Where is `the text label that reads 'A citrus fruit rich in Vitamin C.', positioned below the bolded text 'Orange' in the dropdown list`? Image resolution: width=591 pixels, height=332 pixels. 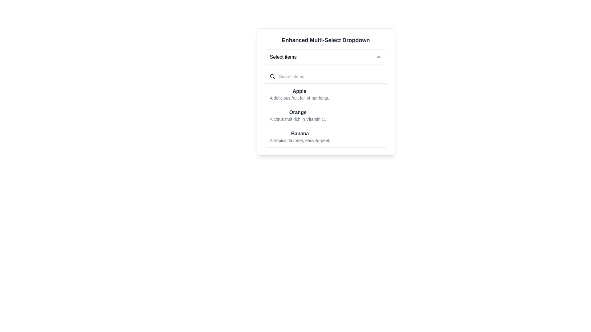
the text label that reads 'A citrus fruit rich in Vitamin C.', positioned below the bolded text 'Orange' in the dropdown list is located at coordinates (298, 119).